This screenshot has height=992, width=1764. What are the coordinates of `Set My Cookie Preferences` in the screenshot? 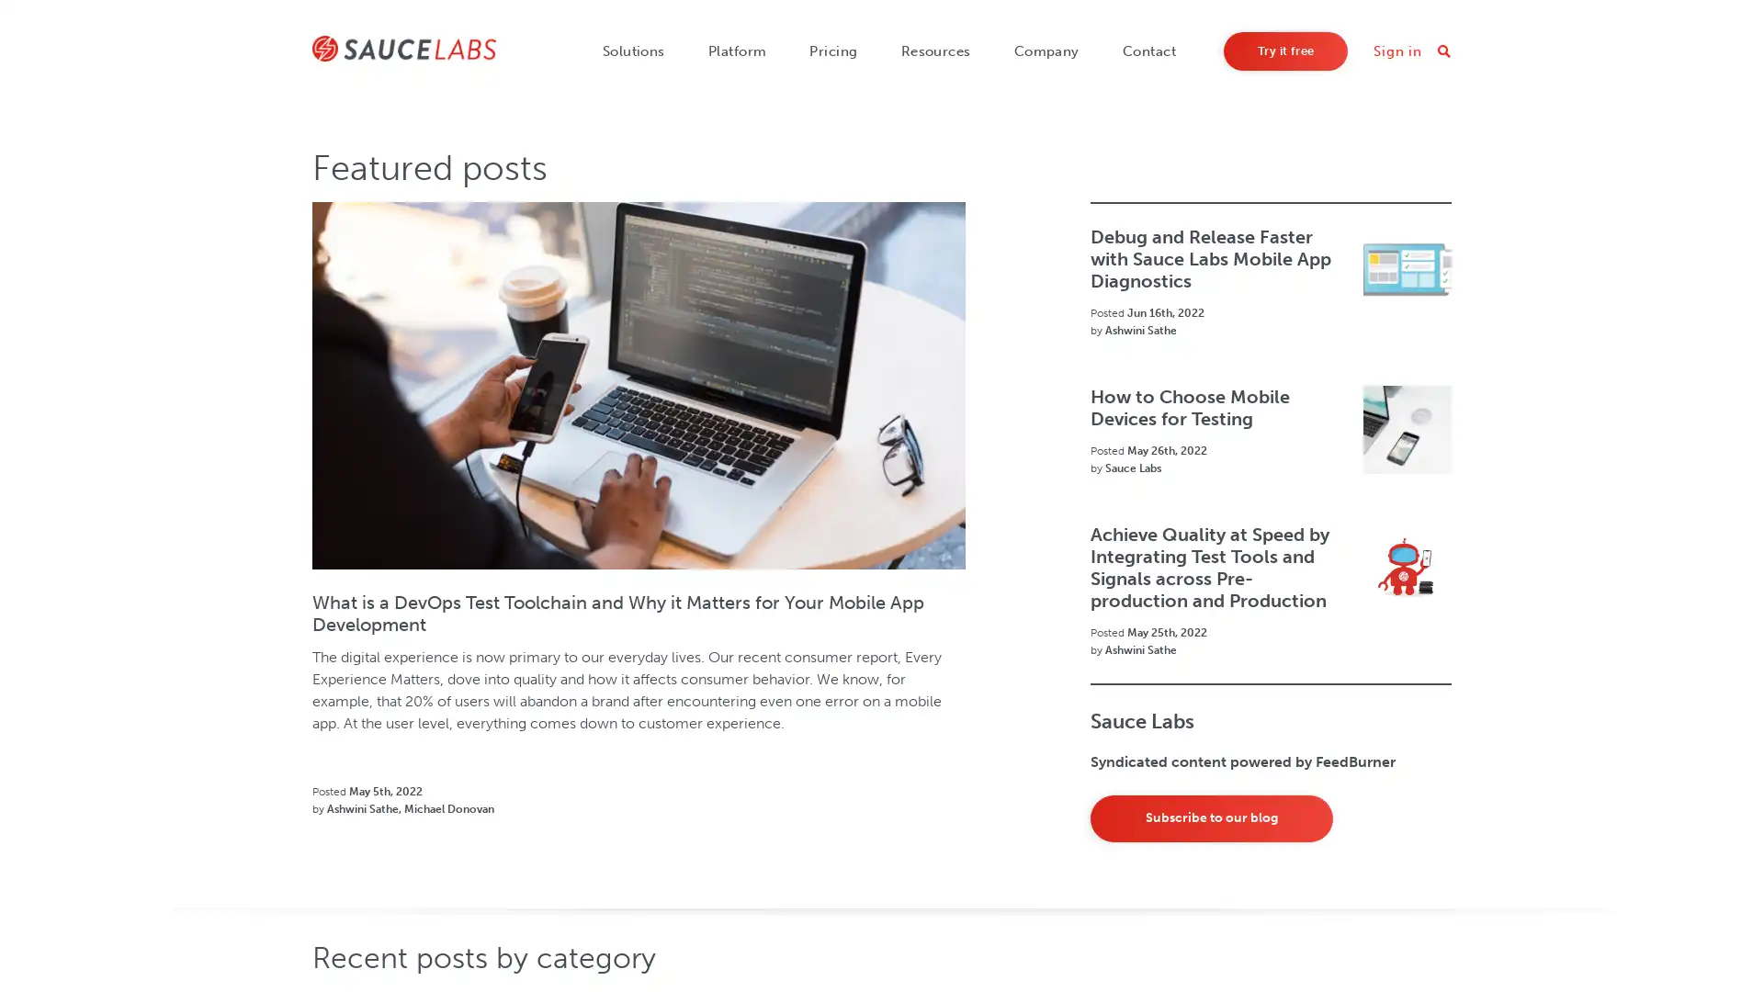 It's located at (1264, 936).